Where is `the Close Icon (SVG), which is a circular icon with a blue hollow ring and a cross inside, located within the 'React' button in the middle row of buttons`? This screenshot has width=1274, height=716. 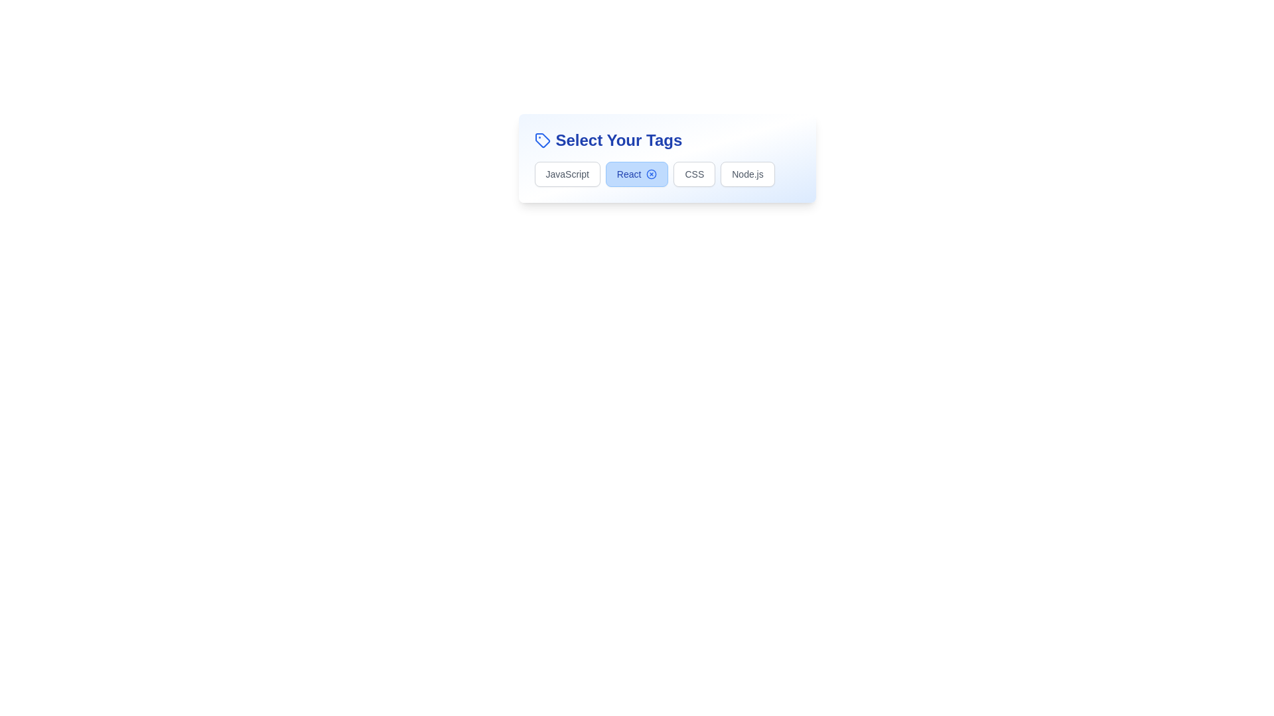 the Close Icon (SVG), which is a circular icon with a blue hollow ring and a cross inside, located within the 'React' button in the middle row of buttons is located at coordinates (652, 173).